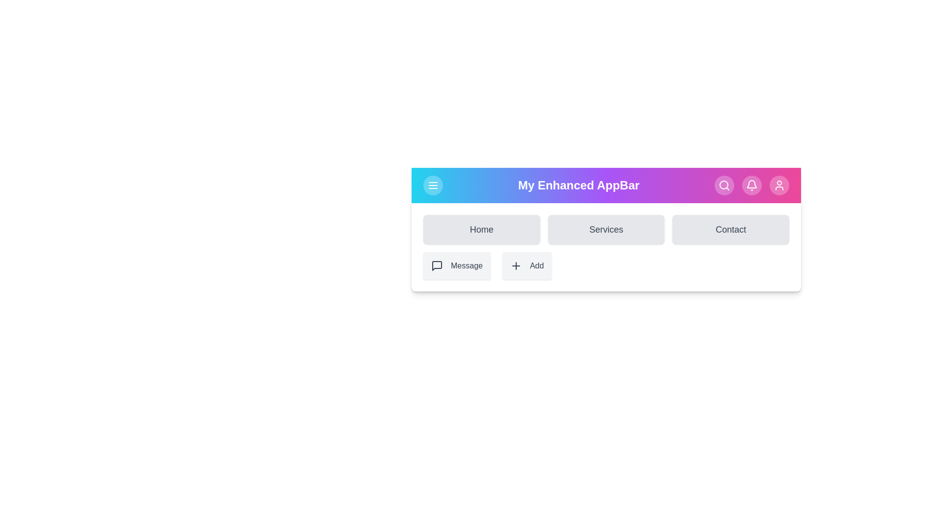  What do you see at coordinates (527, 266) in the screenshot?
I see `the action button labeled Add` at bounding box center [527, 266].